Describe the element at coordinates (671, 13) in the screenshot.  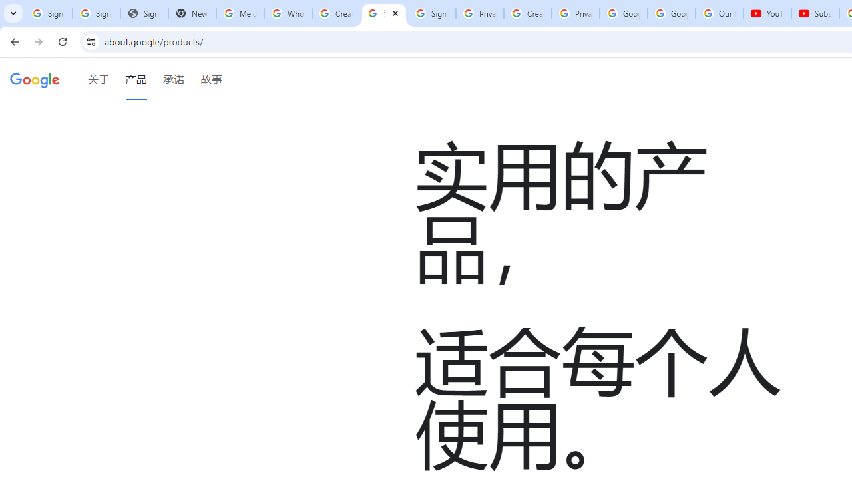
I see `'Google Account'` at that location.